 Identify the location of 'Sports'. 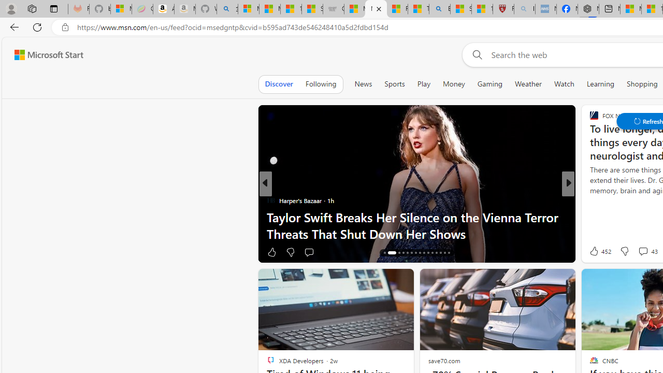
(394, 83).